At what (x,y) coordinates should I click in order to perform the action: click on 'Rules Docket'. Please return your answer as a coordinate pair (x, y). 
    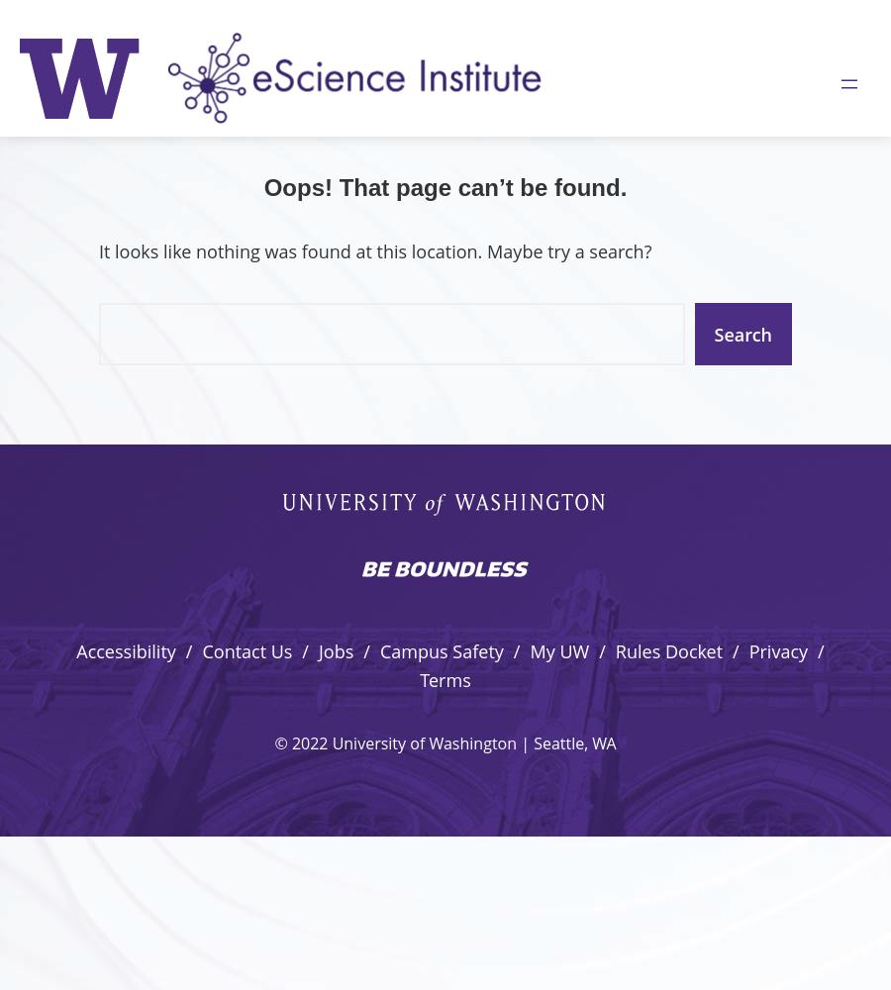
    Looking at the image, I should click on (668, 651).